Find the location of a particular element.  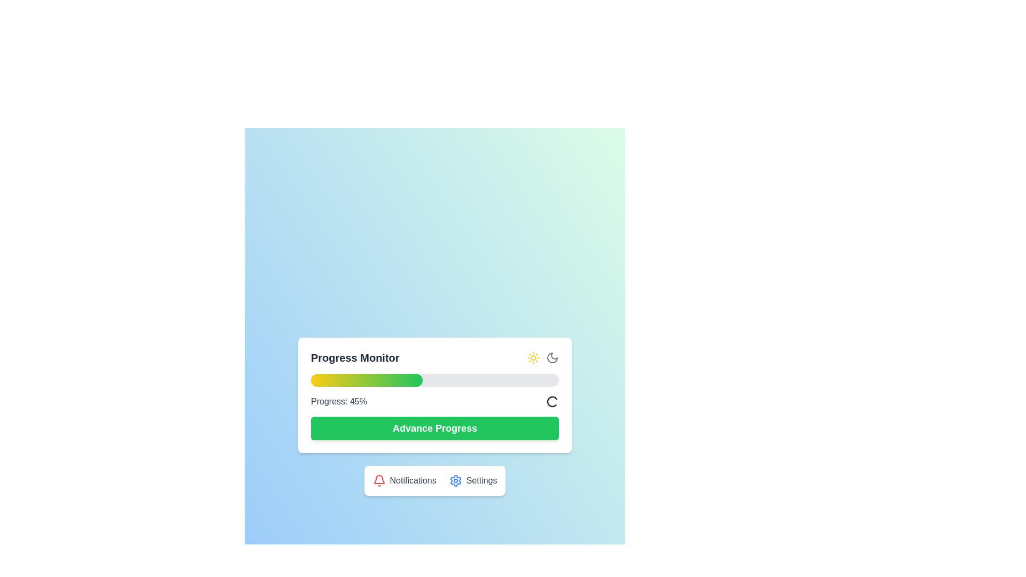

the 'Notifications' button, which is a small rectangular area with a red notification bell icon and dark gray text is located at coordinates (404, 480).